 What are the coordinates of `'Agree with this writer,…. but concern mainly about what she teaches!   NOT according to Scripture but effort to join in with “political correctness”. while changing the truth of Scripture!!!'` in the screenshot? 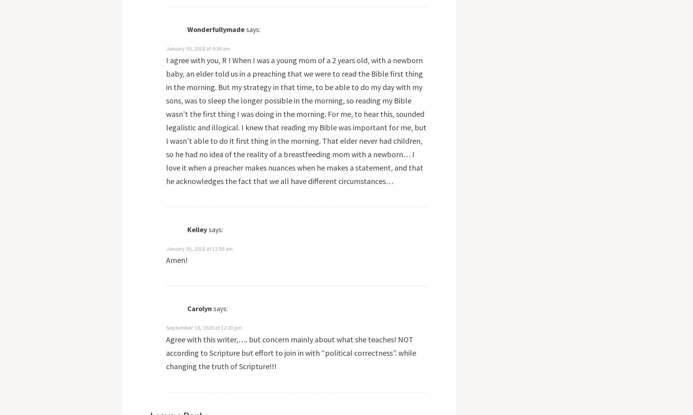 It's located at (290, 352).